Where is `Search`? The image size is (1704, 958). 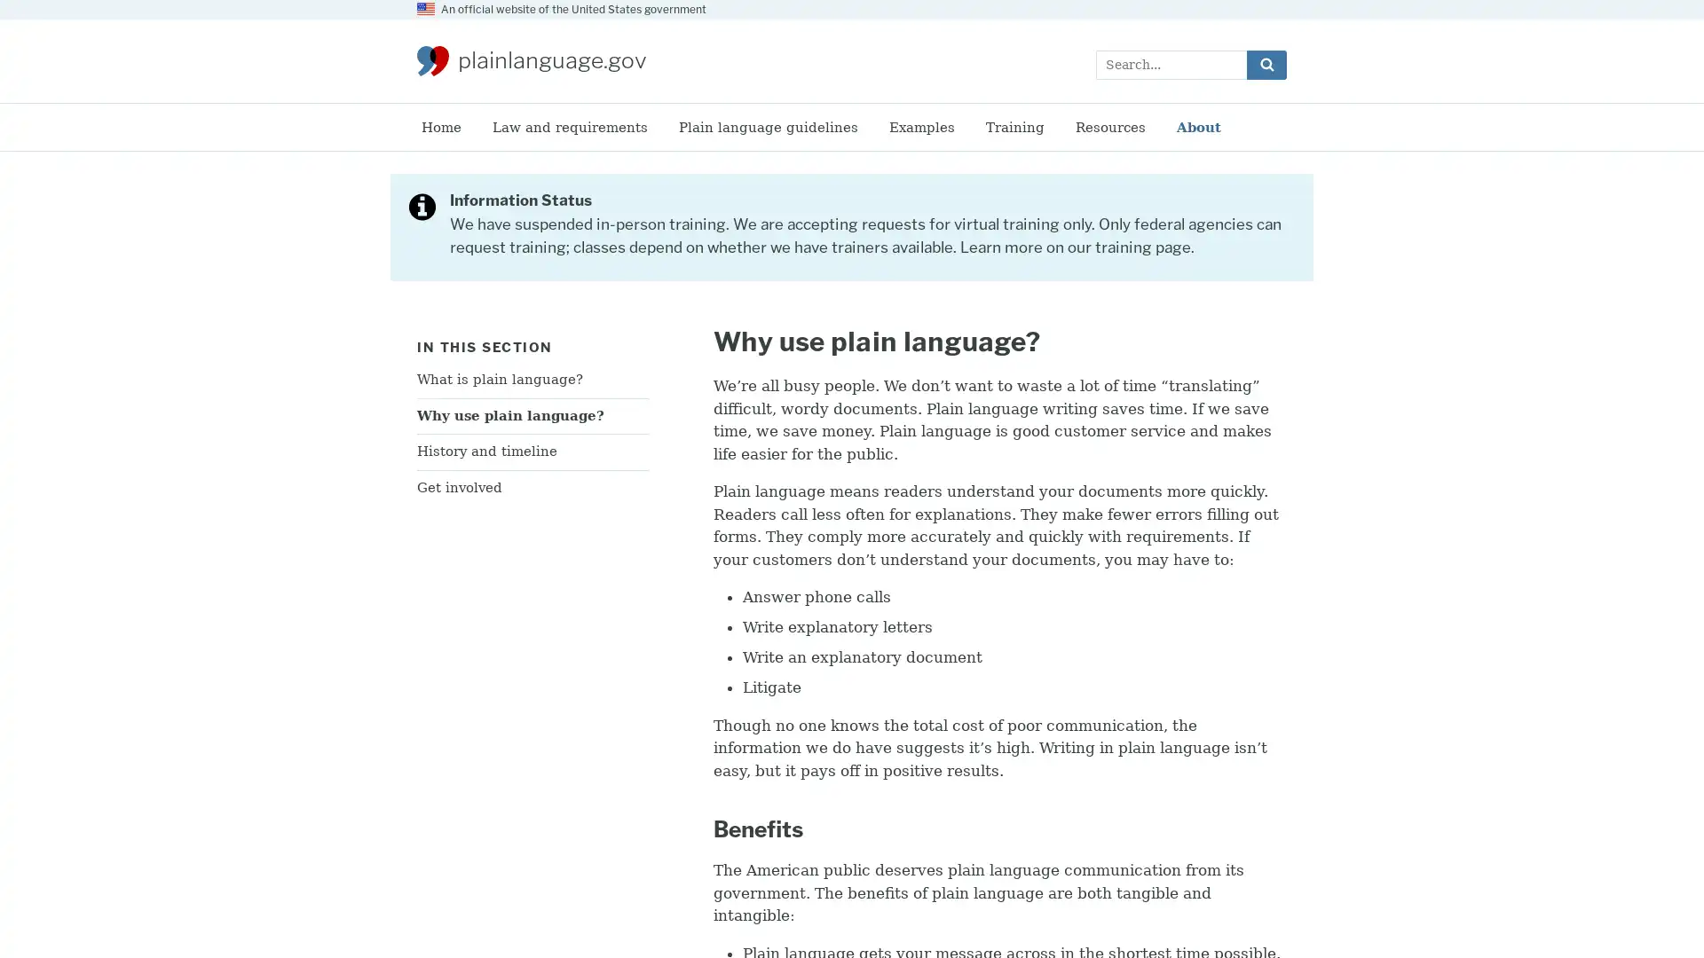
Search is located at coordinates (1266, 63).